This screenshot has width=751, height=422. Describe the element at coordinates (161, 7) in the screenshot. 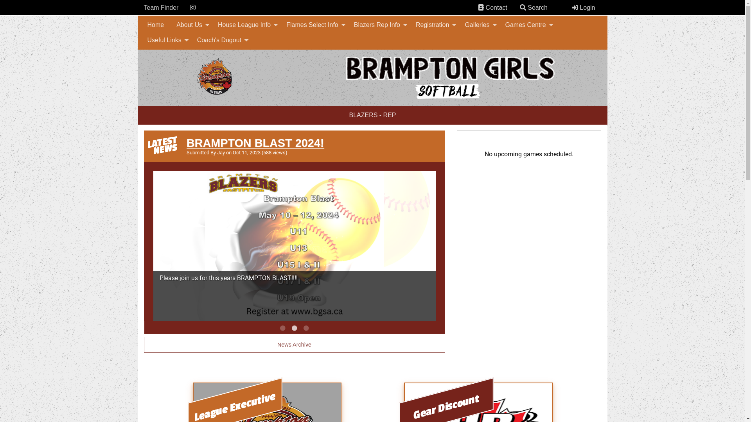

I see `'Team Finder'` at that location.